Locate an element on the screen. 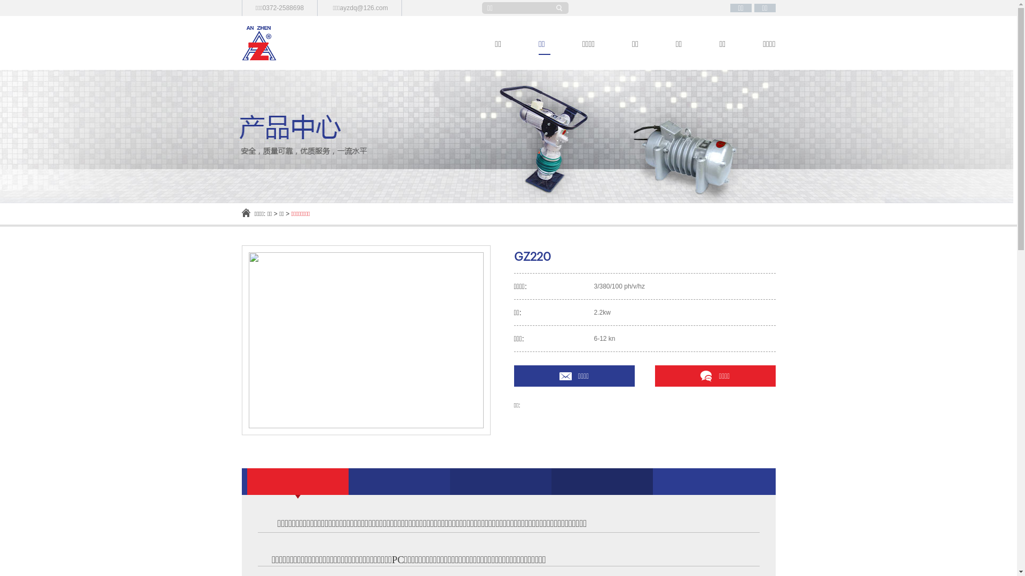 Image resolution: width=1025 pixels, height=576 pixels. 'Search' is located at coordinates (561, 8).